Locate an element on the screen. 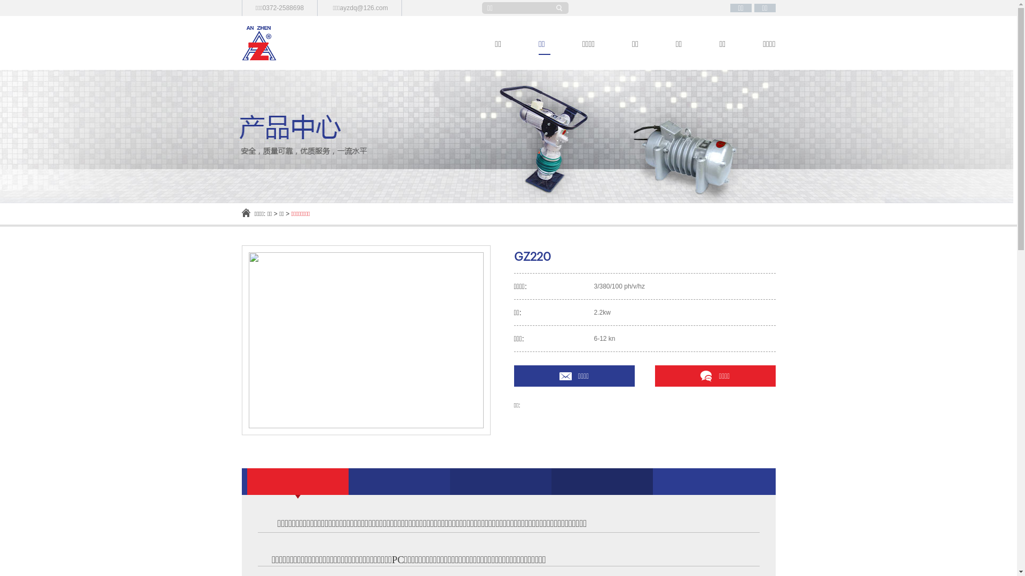 Image resolution: width=1025 pixels, height=576 pixels. 'Search' is located at coordinates (561, 8).